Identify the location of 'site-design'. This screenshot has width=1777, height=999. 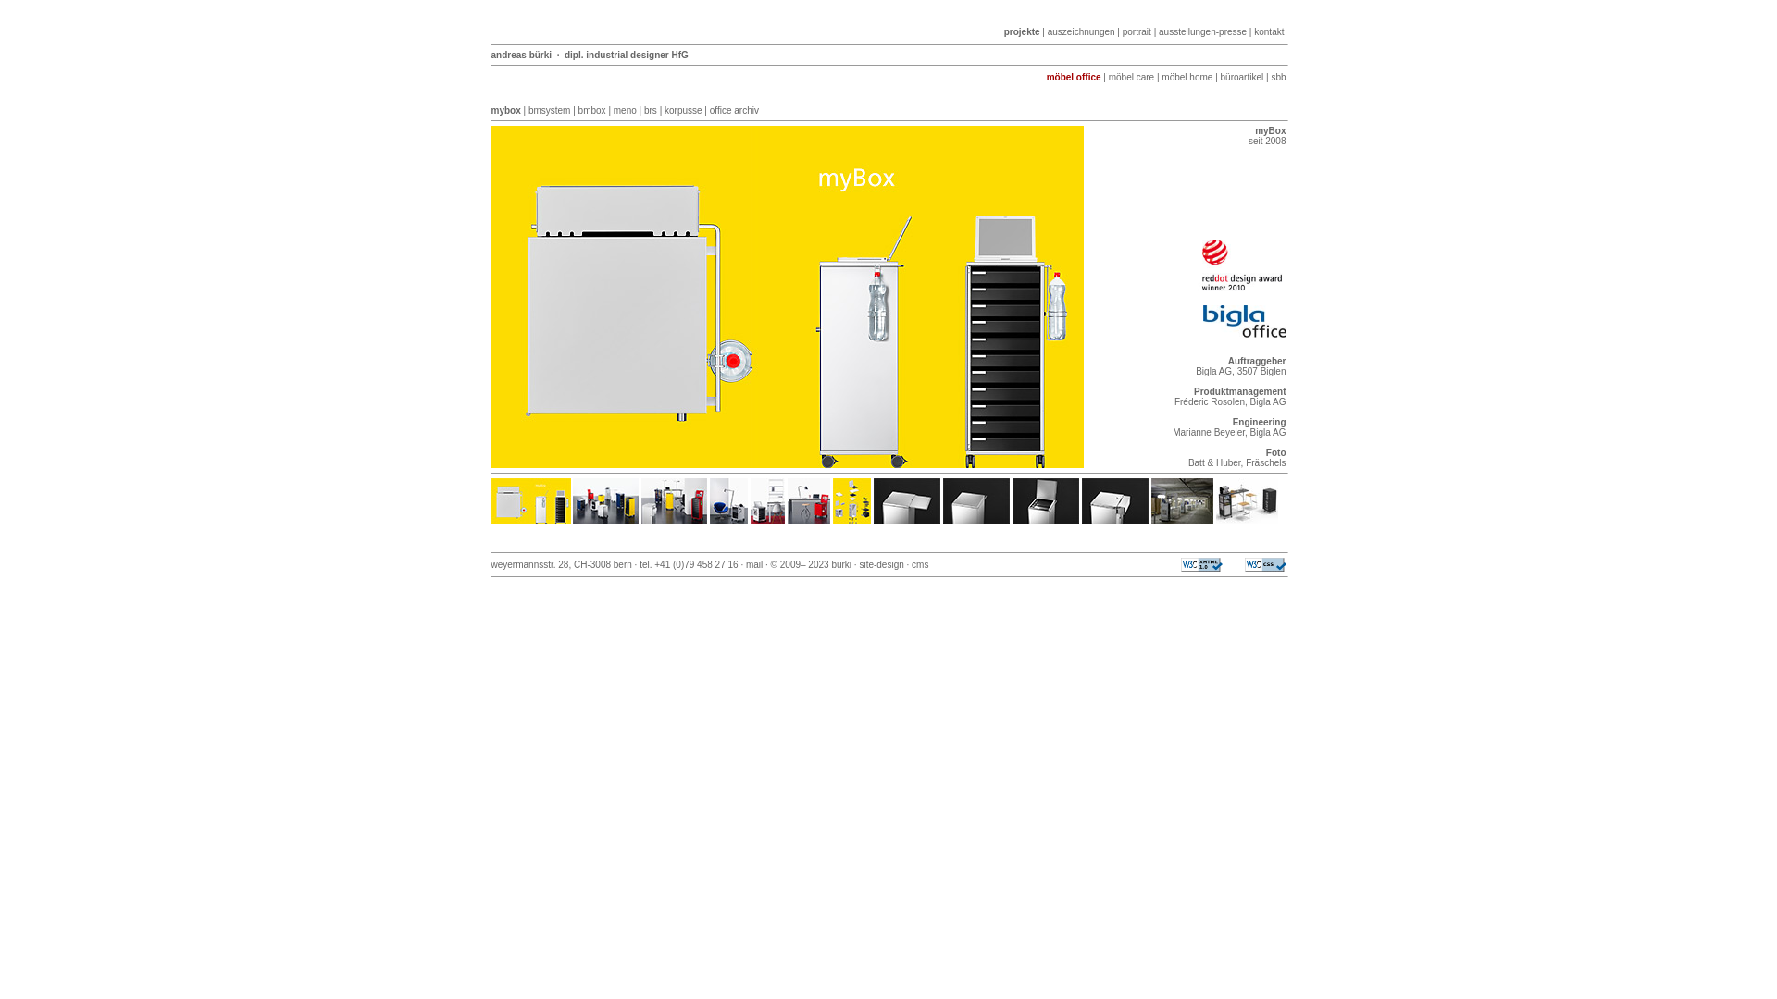
(879, 563).